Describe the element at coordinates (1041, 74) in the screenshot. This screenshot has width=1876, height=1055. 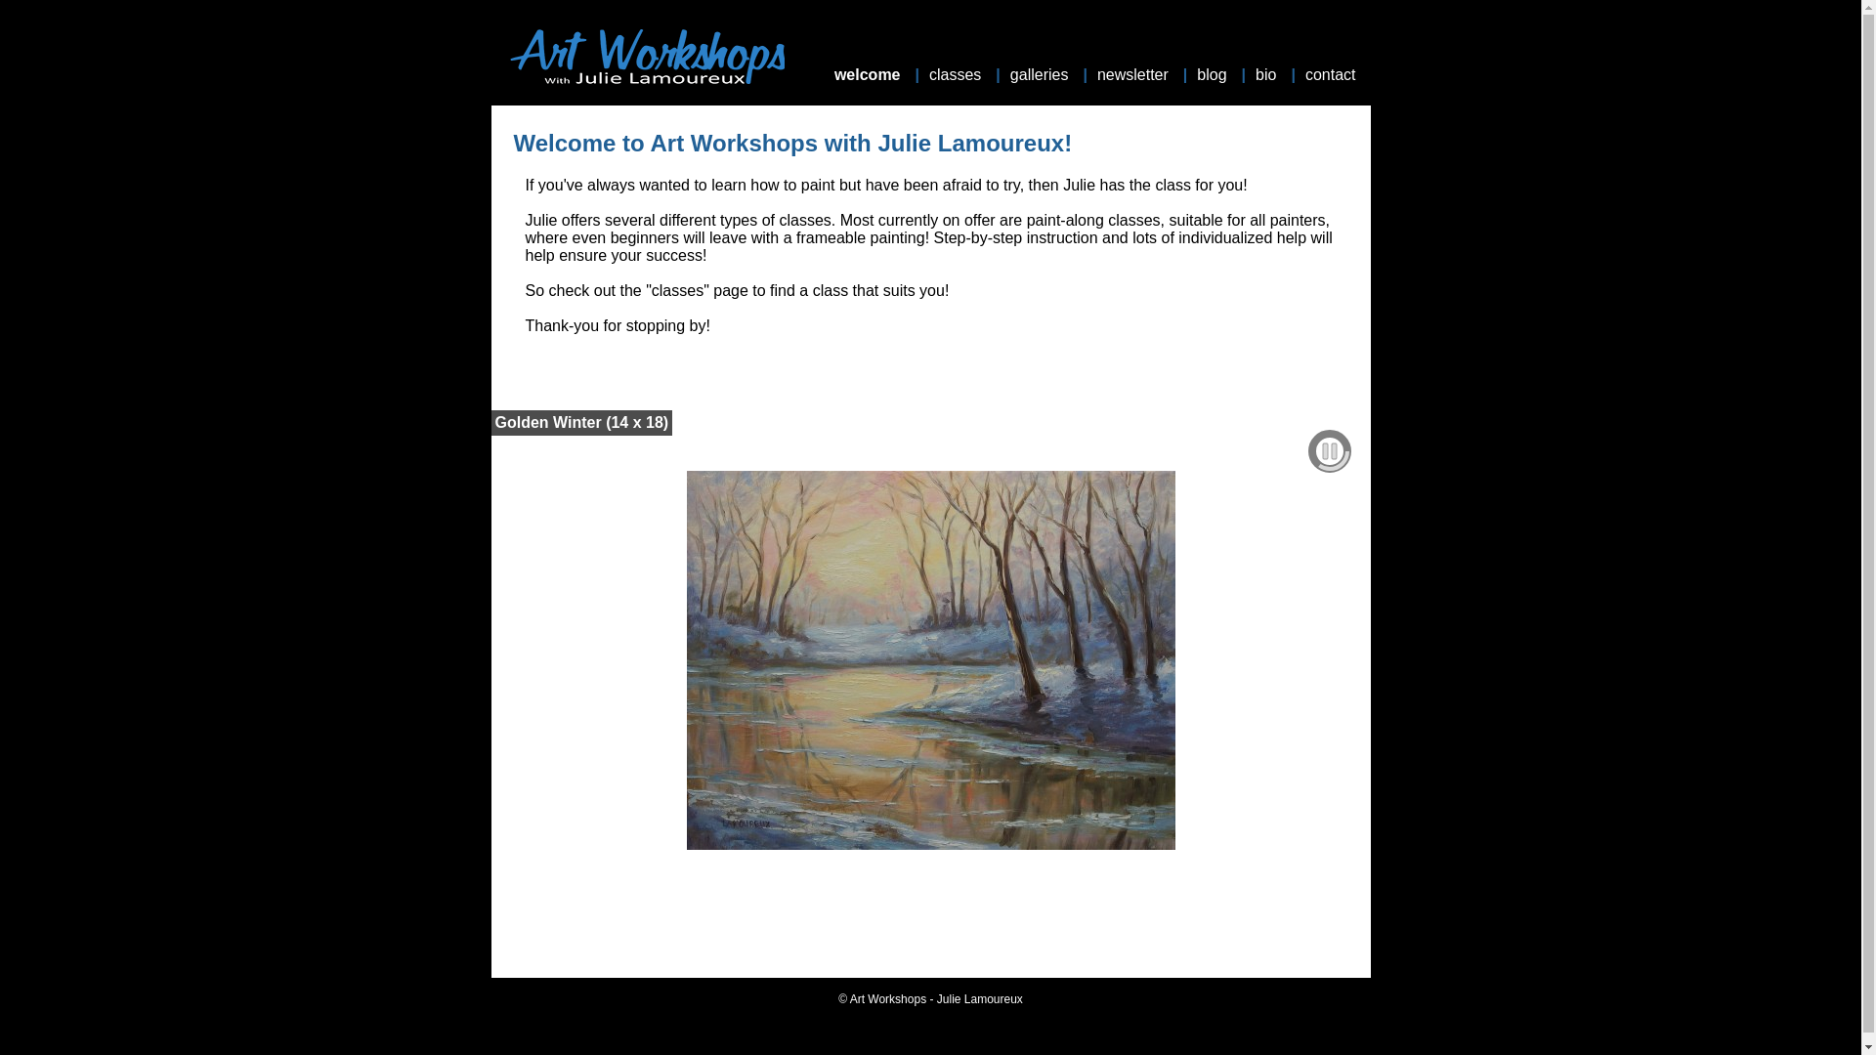
I see `'galleries'` at that location.